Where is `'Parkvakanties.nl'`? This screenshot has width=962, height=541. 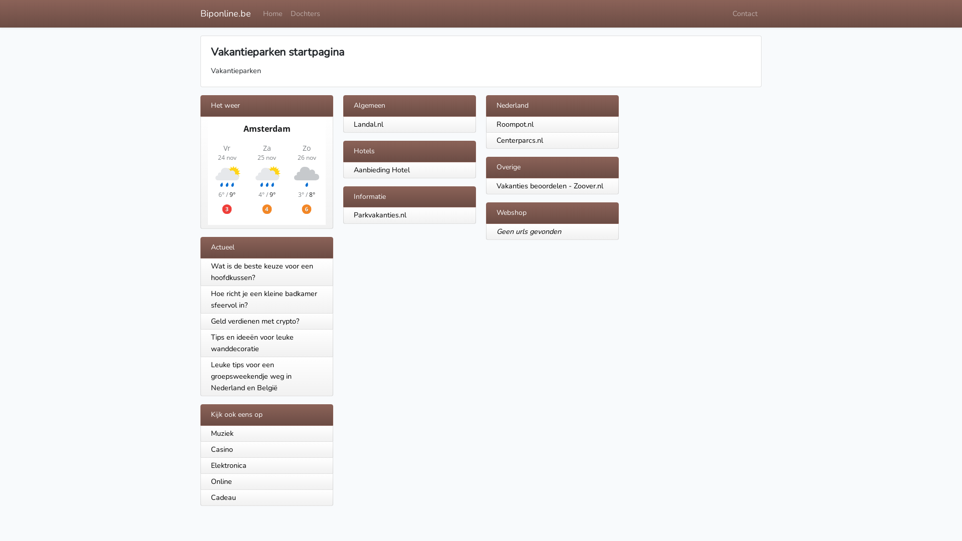
'Parkvakanties.nl' is located at coordinates (379, 214).